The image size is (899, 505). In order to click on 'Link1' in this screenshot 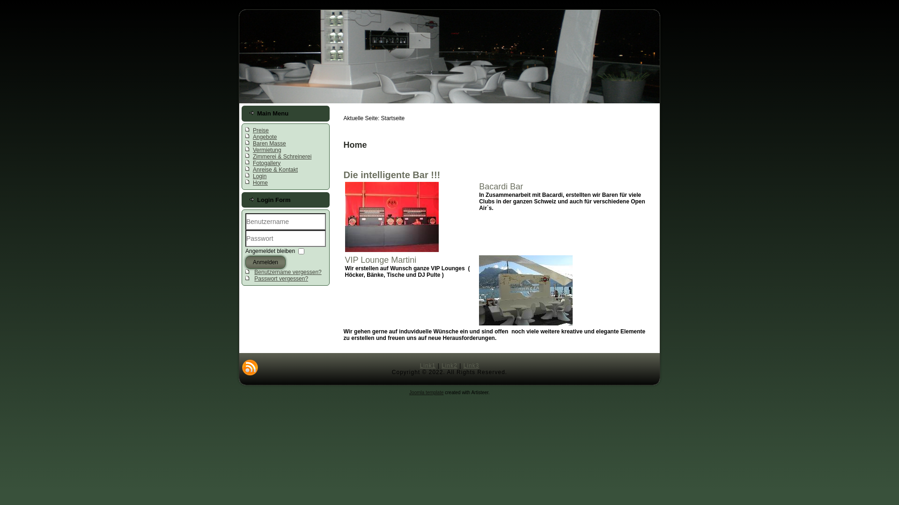, I will do `click(420, 365)`.